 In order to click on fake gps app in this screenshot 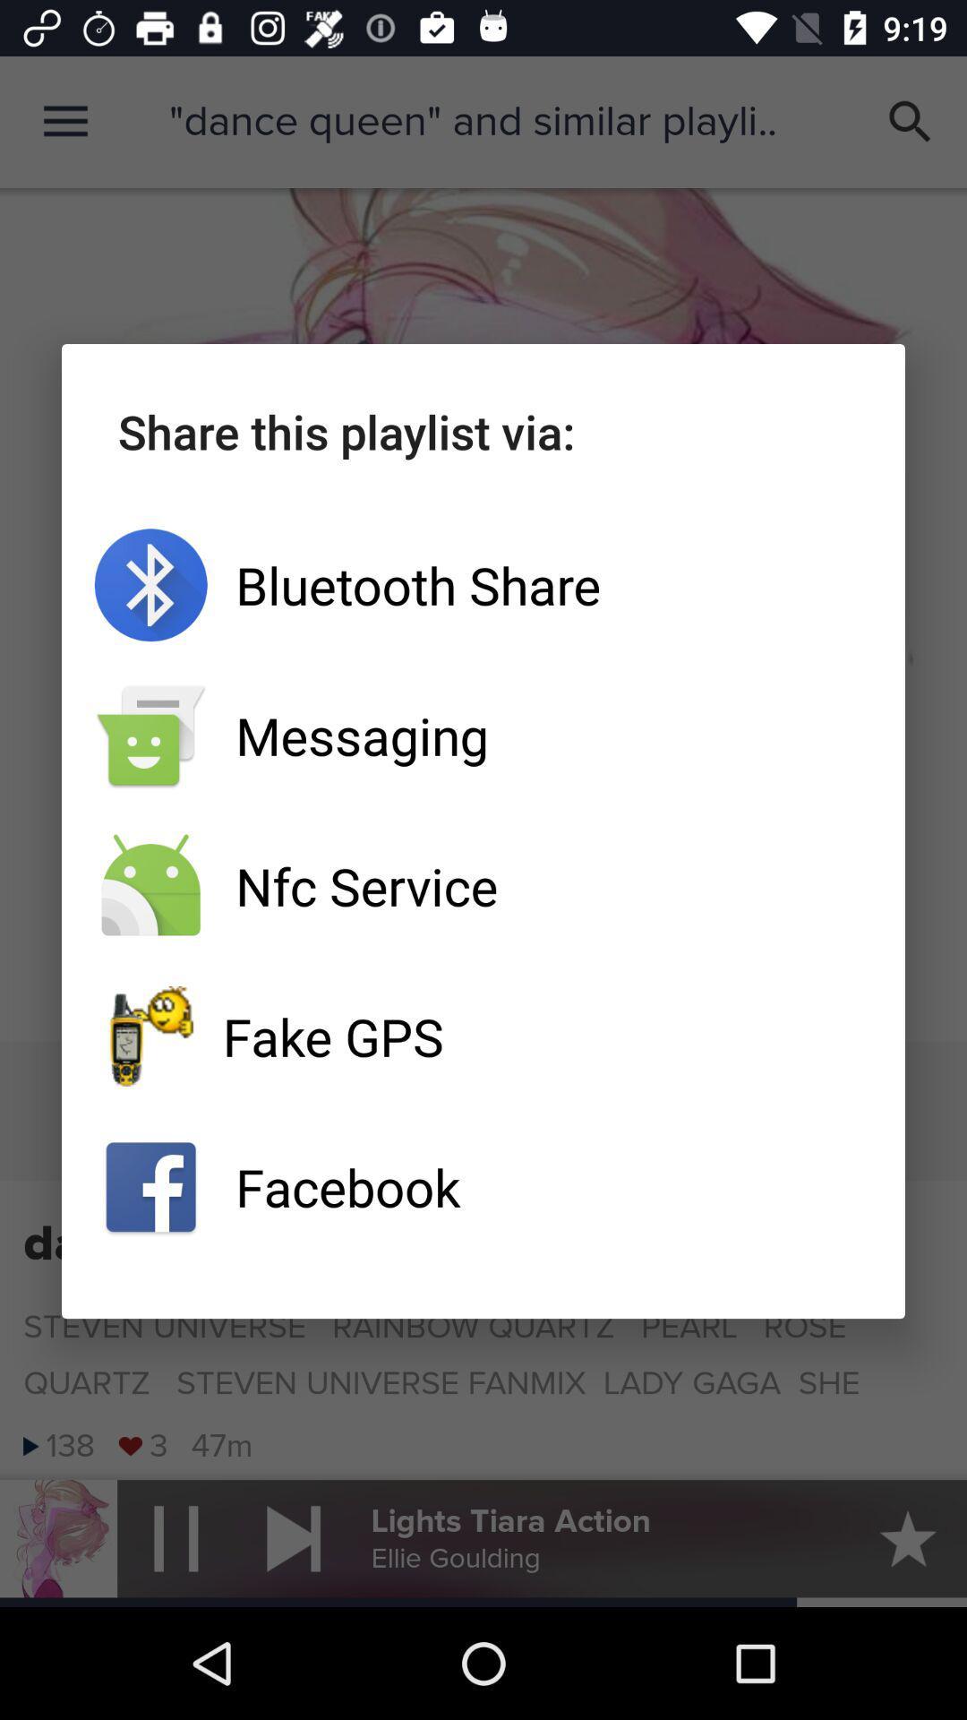, I will do `click(483, 1036)`.